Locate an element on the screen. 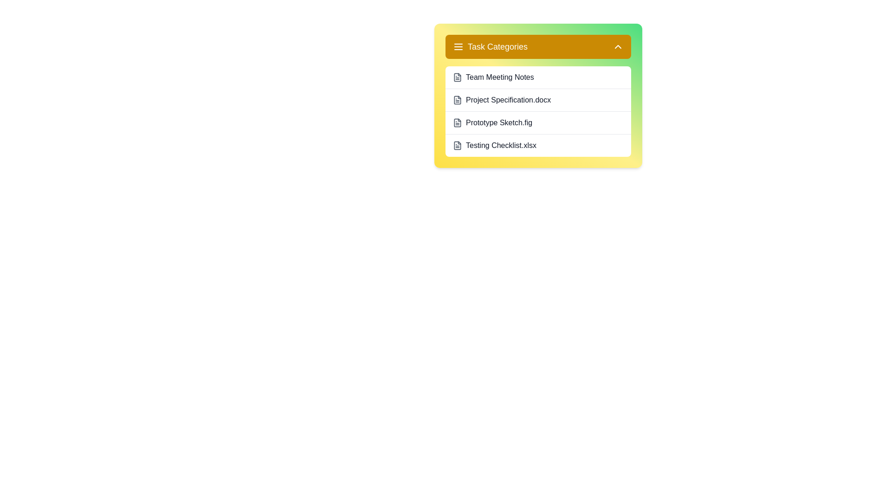 This screenshot has height=501, width=891. the task Team Meeting Notes to highlight it is located at coordinates (538, 77).